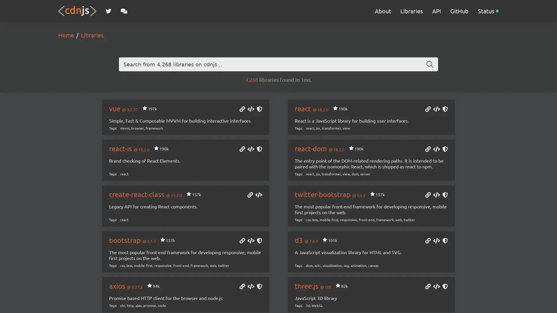  I want to click on Copy SRI Hash, so click(445, 287).